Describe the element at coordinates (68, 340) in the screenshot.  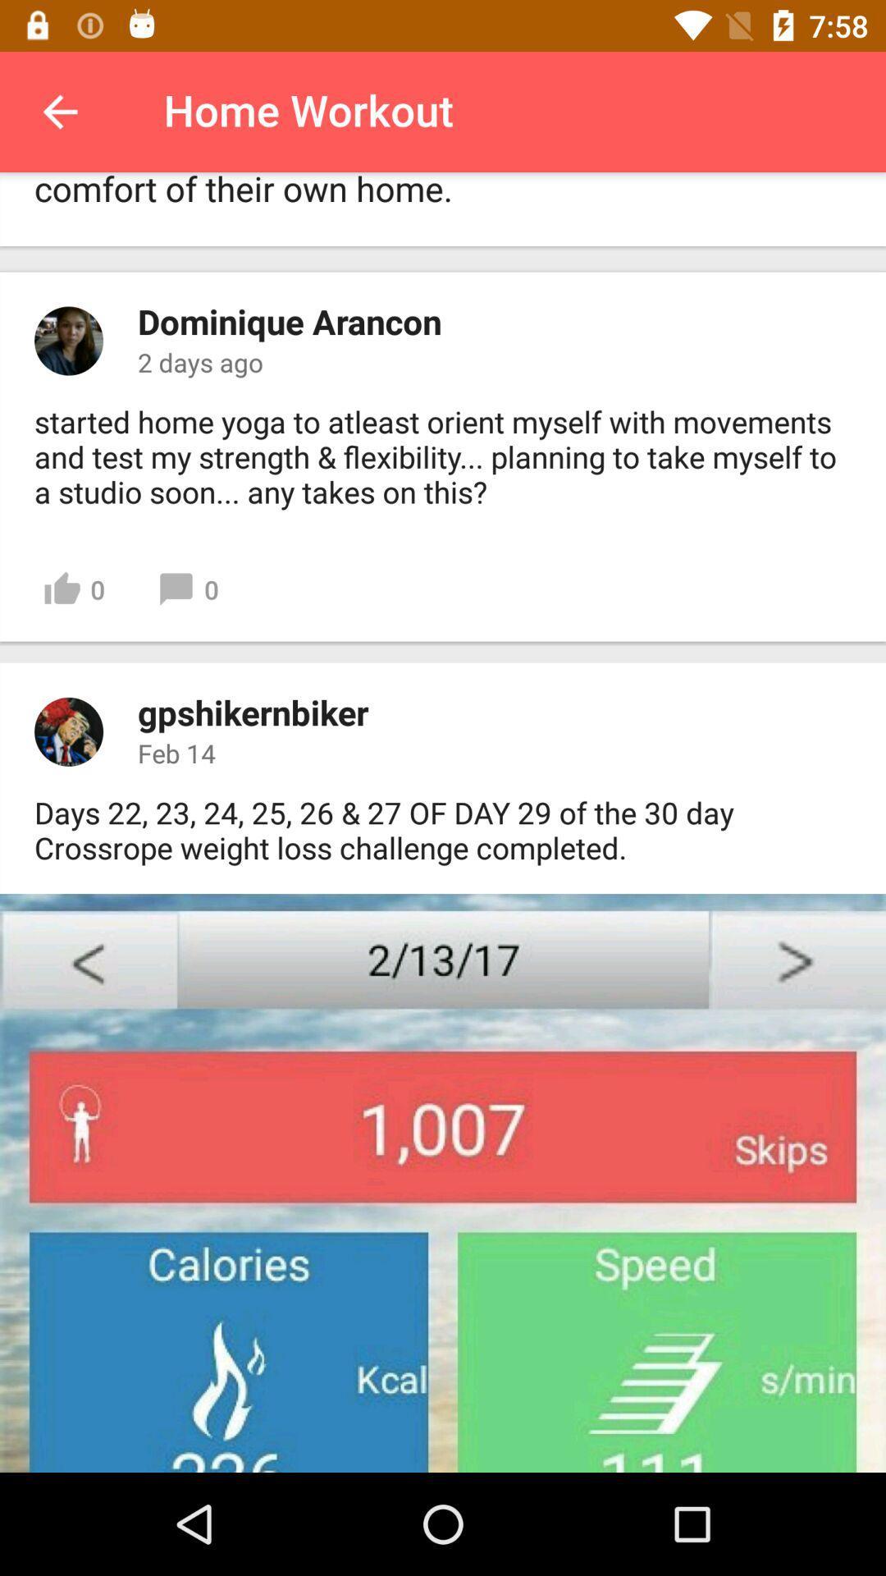
I see `comments` at that location.